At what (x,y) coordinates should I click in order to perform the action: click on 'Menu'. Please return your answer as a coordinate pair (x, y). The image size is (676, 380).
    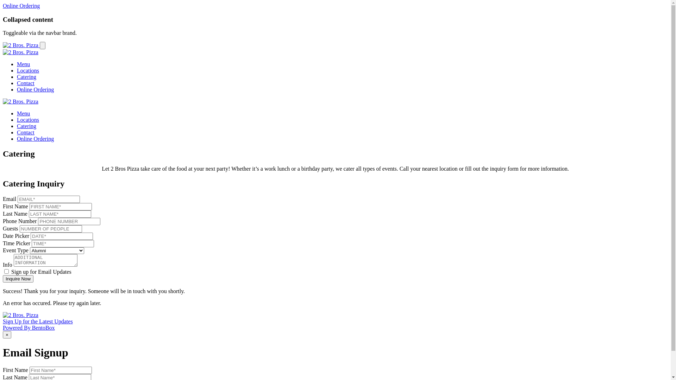
    Looking at the image, I should click on (23, 113).